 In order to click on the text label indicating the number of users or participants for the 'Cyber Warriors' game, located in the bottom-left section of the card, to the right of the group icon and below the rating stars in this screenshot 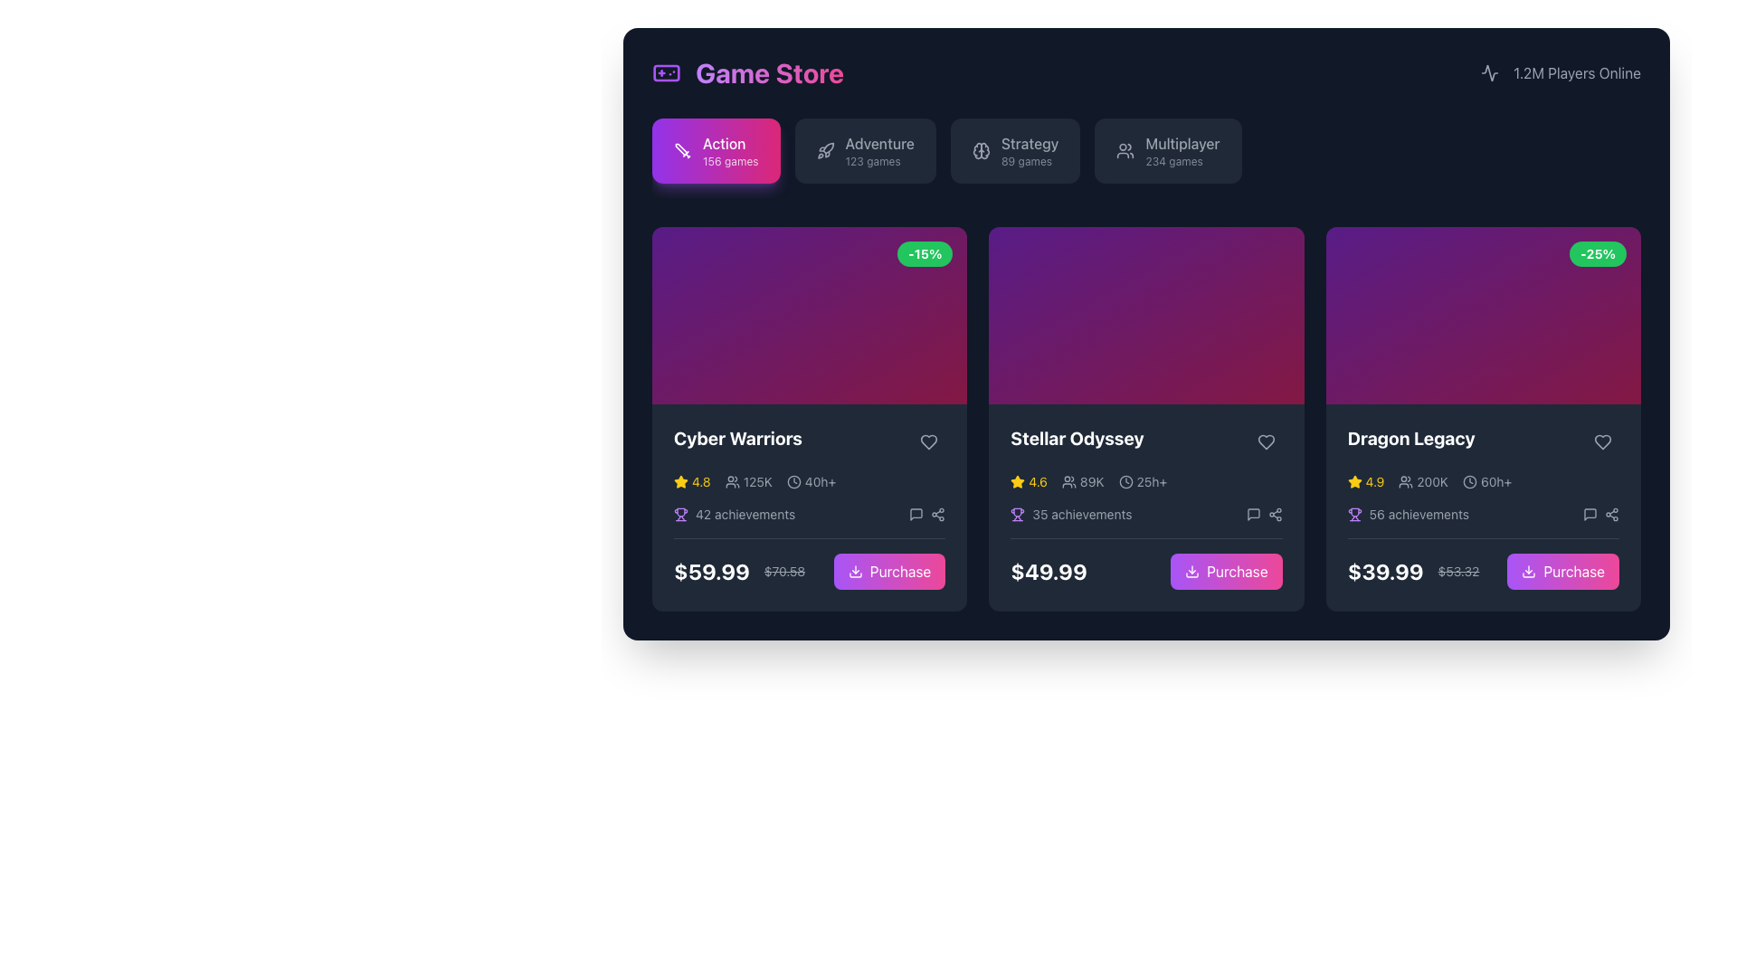, I will do `click(757, 480)`.